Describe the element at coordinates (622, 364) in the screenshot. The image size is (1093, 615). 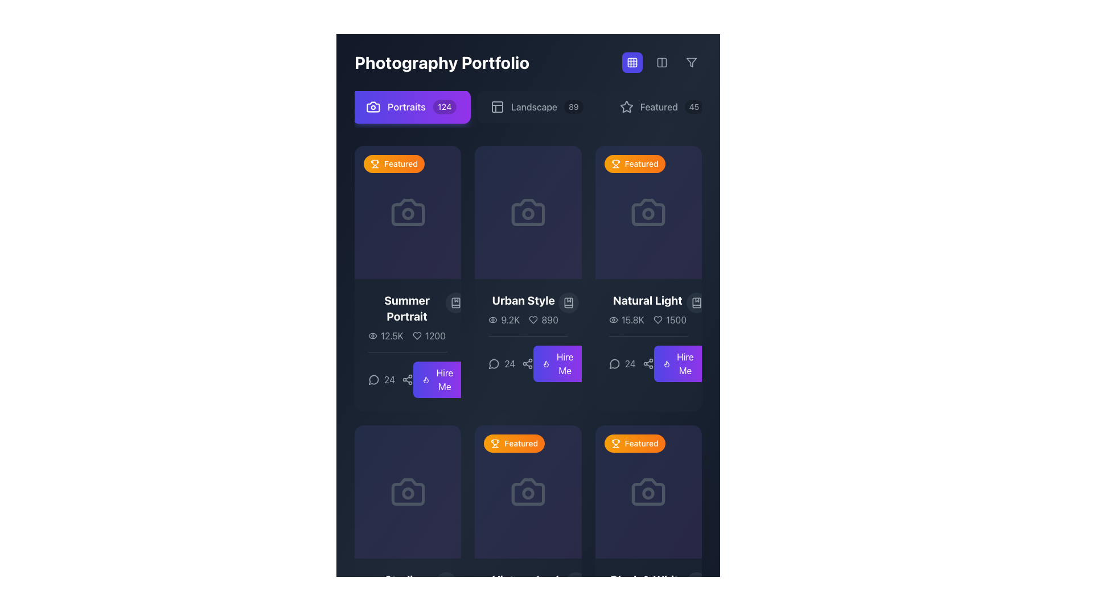
I see `the text displaying the number '24', which is styled in light gray color and located beside a chat bubble icon` at that location.